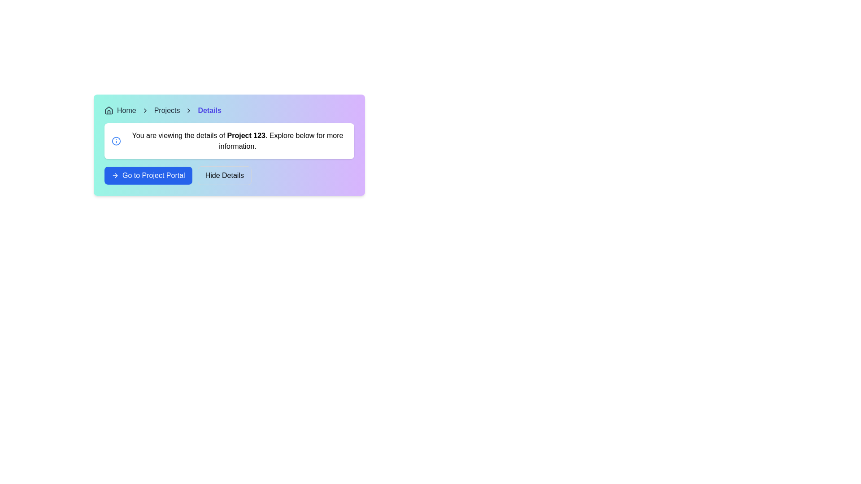 The image size is (861, 484). What do you see at coordinates (126, 110) in the screenshot?
I see `the 'Home' text label in the breadcrumb navigation, which is styled in a dark font color and positioned immediately to the right of the house icon` at bounding box center [126, 110].